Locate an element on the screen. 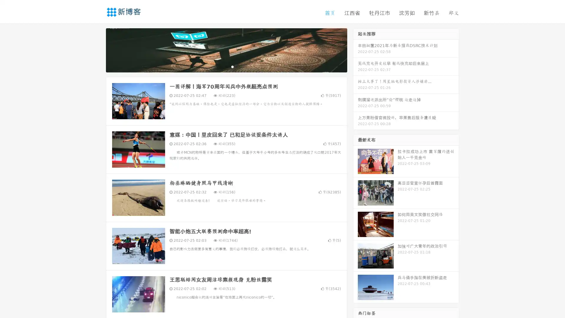 The image size is (565, 318). Go to slide 3 is located at coordinates (232, 66).